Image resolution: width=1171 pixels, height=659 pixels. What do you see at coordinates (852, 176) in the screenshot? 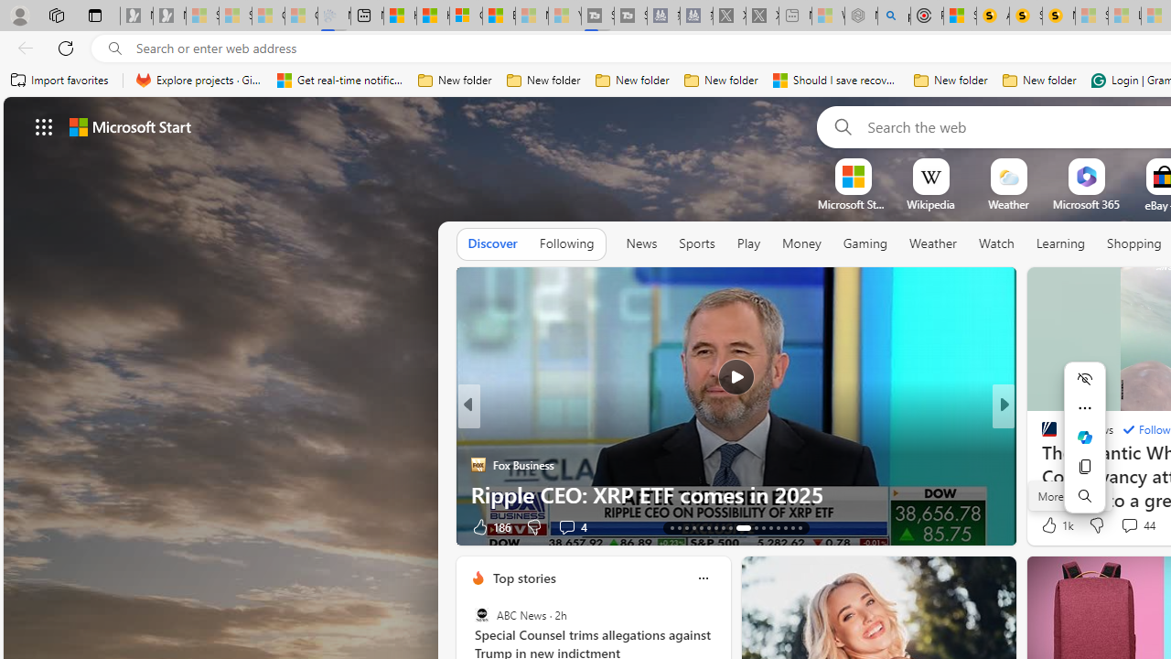
I see `'To get missing image descriptions, open the context menu.'` at bounding box center [852, 176].